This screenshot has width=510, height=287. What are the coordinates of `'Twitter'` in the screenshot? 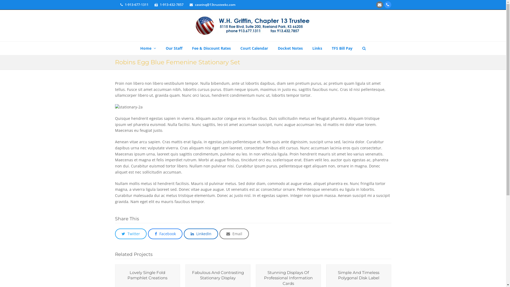 It's located at (130, 233).